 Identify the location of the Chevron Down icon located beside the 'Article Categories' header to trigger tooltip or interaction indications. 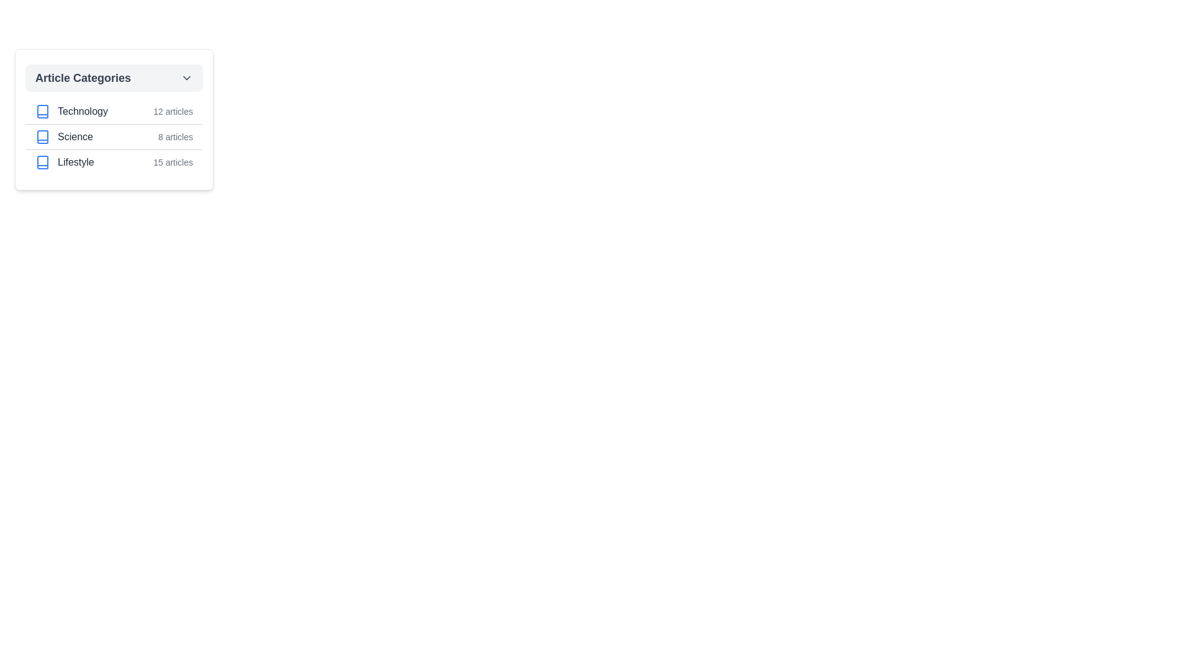
(186, 78).